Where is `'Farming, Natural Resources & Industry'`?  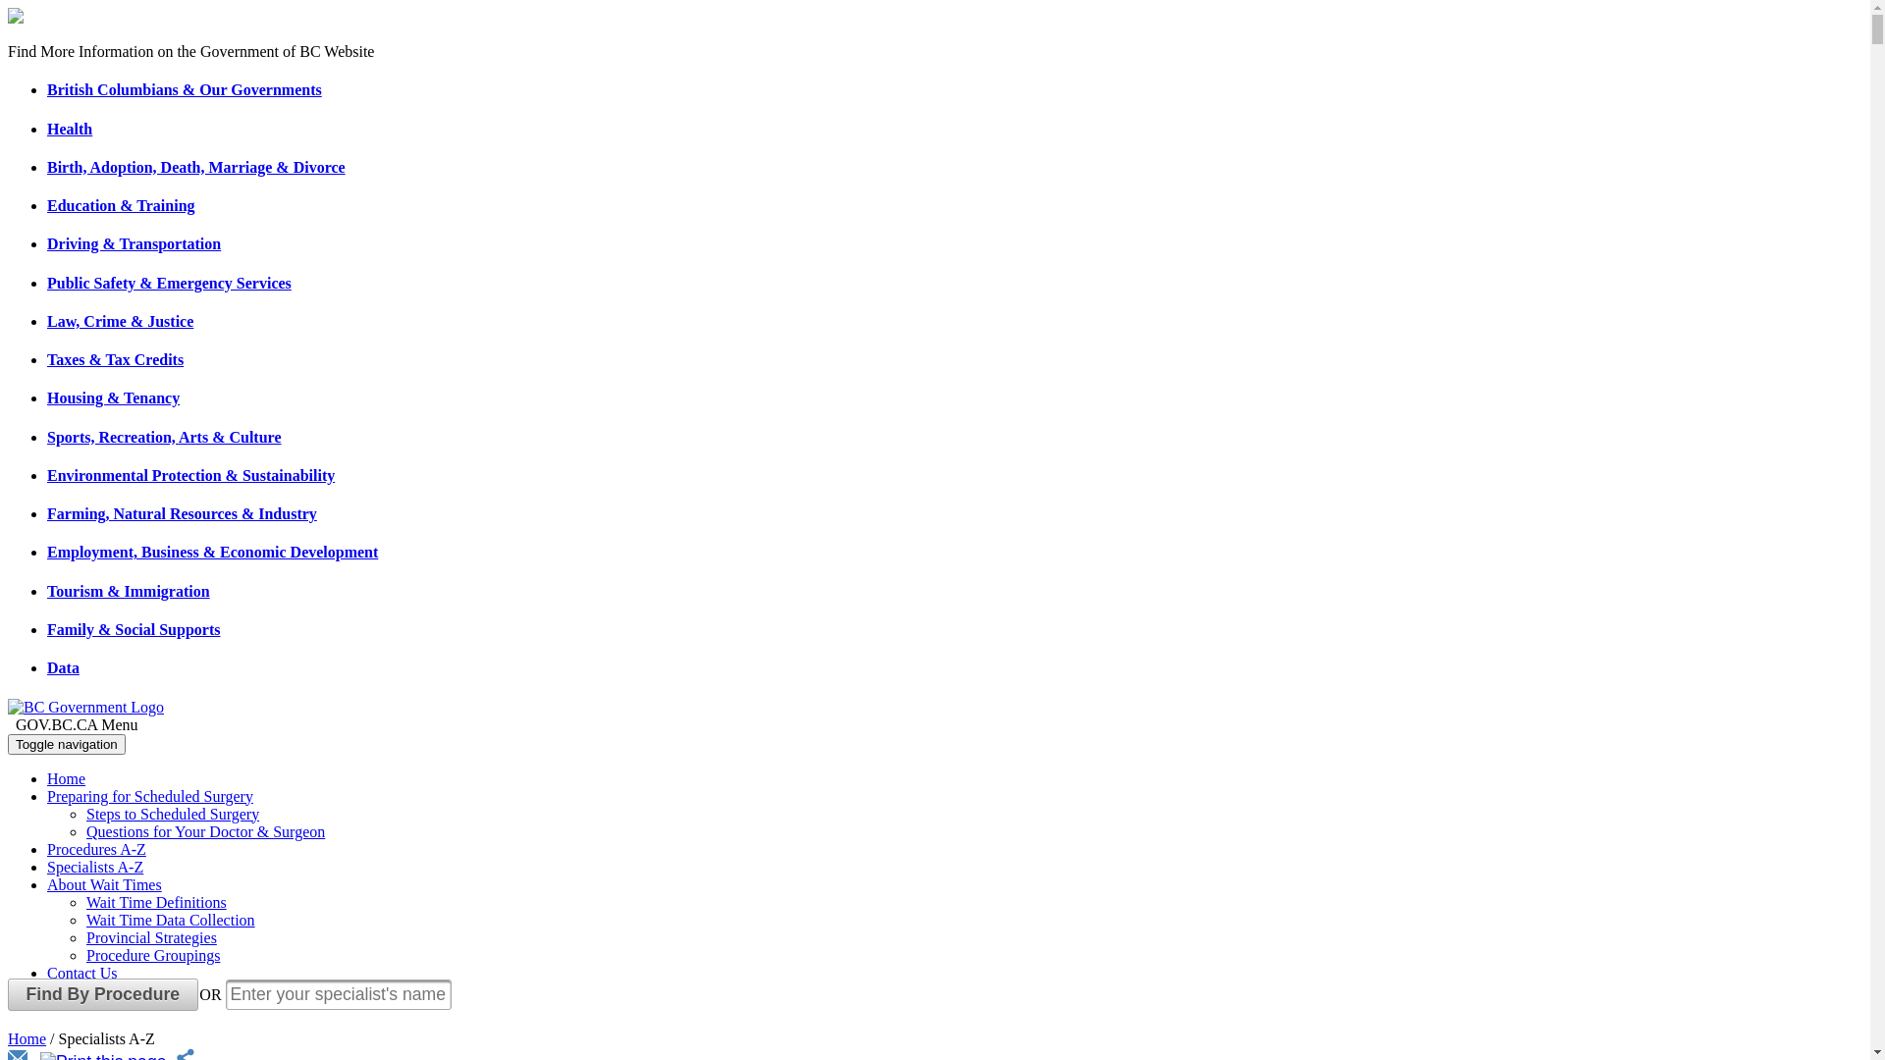
'Farming, Natural Resources & Industry' is located at coordinates (182, 512).